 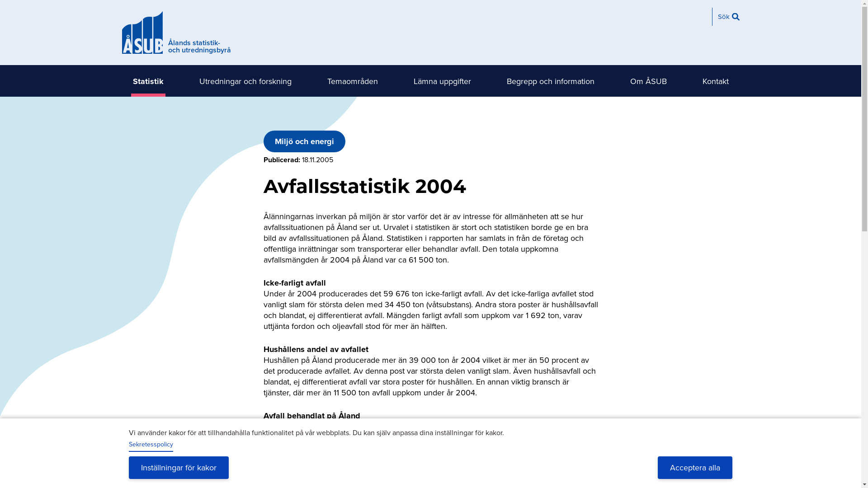 I want to click on 'Sekretesspolicy', so click(x=151, y=444).